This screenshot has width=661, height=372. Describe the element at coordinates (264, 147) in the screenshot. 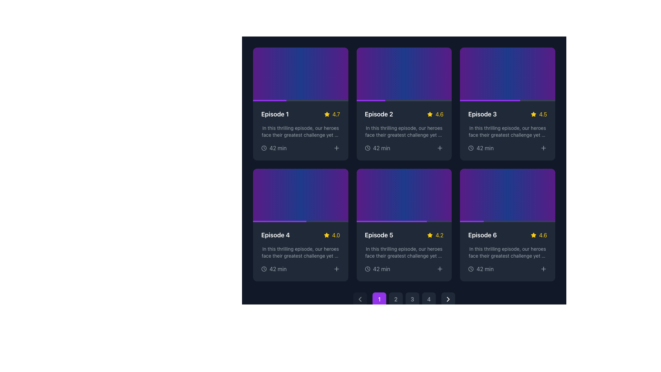

I see `the time duration indicator icon located in the first card of the grid layout, positioned below 'Episode 1' and to the left of '42 min'` at that location.